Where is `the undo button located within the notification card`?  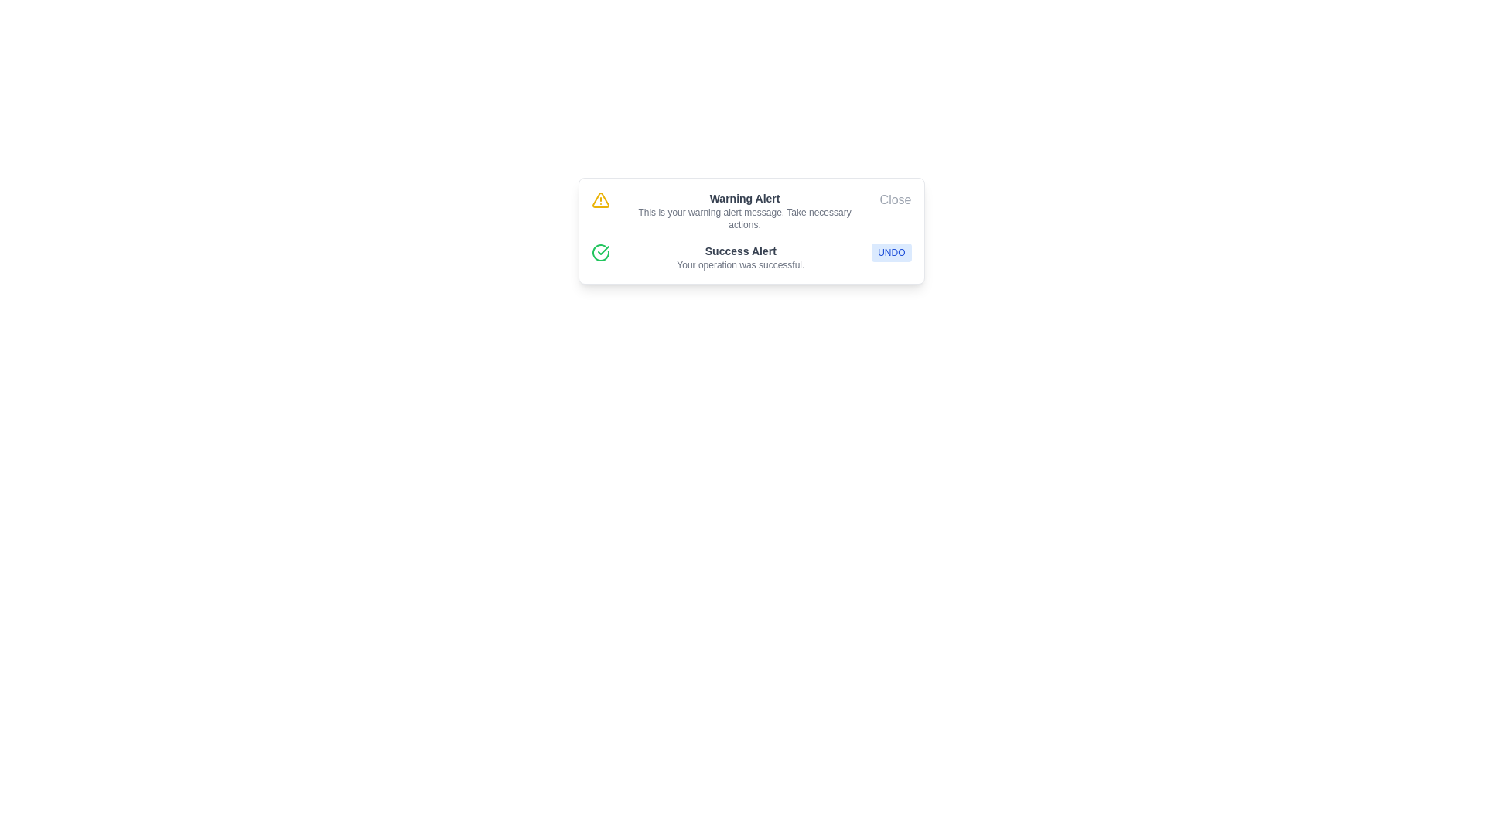
the undo button located within the notification card is located at coordinates (891, 252).